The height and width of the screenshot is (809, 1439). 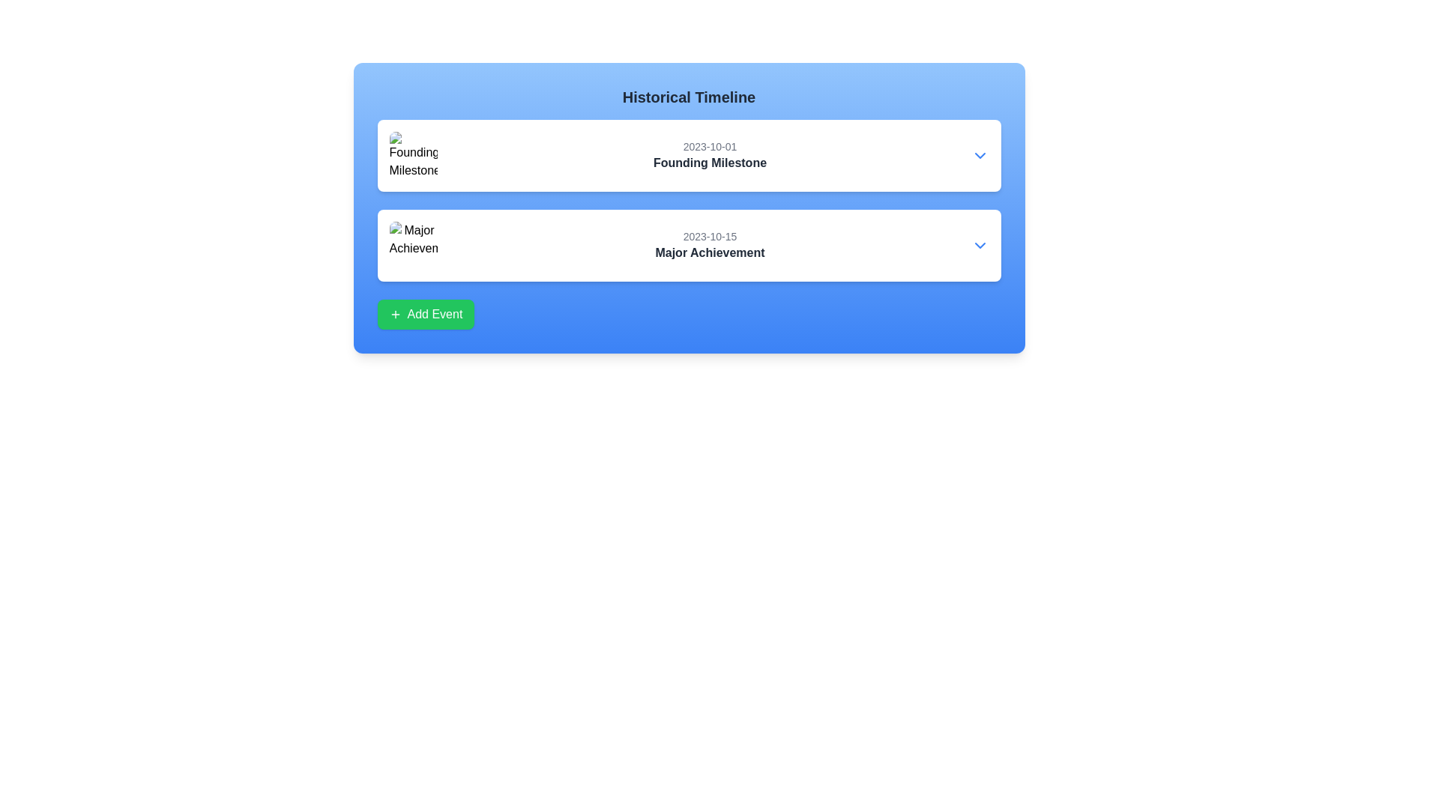 What do you see at coordinates (395, 314) in the screenshot?
I see `the plus sign icon located to the left of the 'Add Event' text within the green button at the bottom left of the 'Historical Timeline' card` at bounding box center [395, 314].